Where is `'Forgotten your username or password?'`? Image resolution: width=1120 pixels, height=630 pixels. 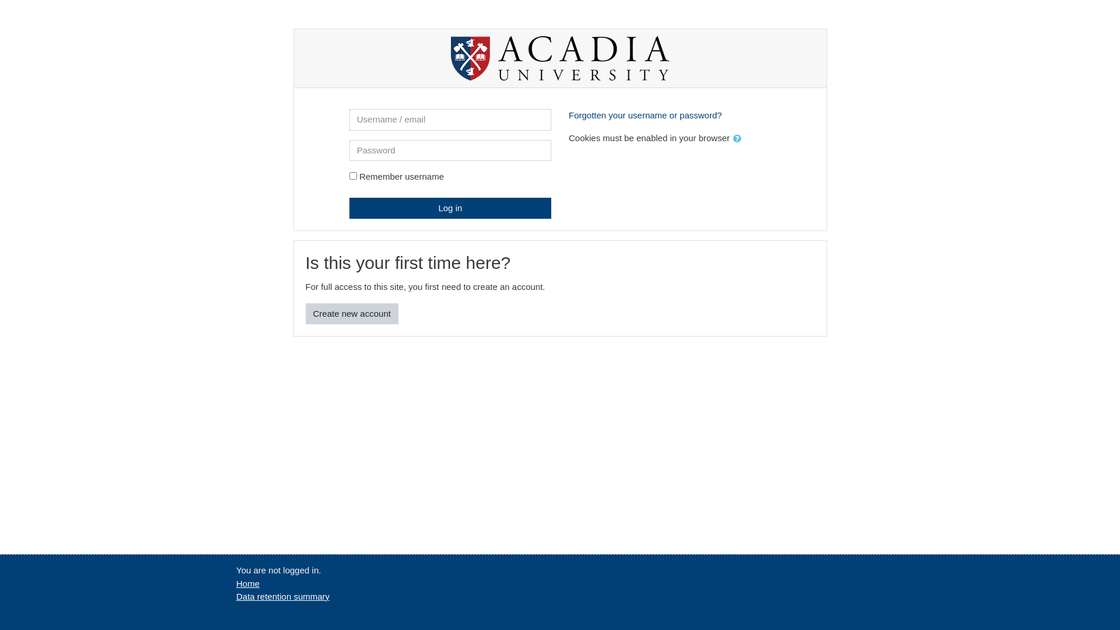 'Forgotten your username or password?' is located at coordinates (645, 115).